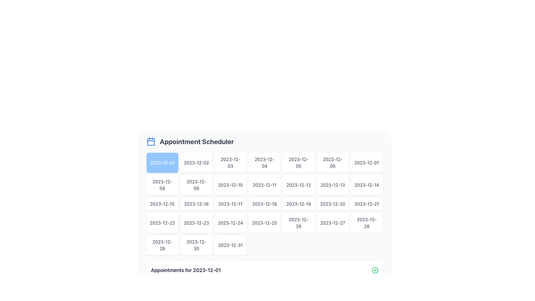  I want to click on the highlighted date cell in the grid layout of the 'Appointment Scheduler' to emphasize it, so click(264, 204).